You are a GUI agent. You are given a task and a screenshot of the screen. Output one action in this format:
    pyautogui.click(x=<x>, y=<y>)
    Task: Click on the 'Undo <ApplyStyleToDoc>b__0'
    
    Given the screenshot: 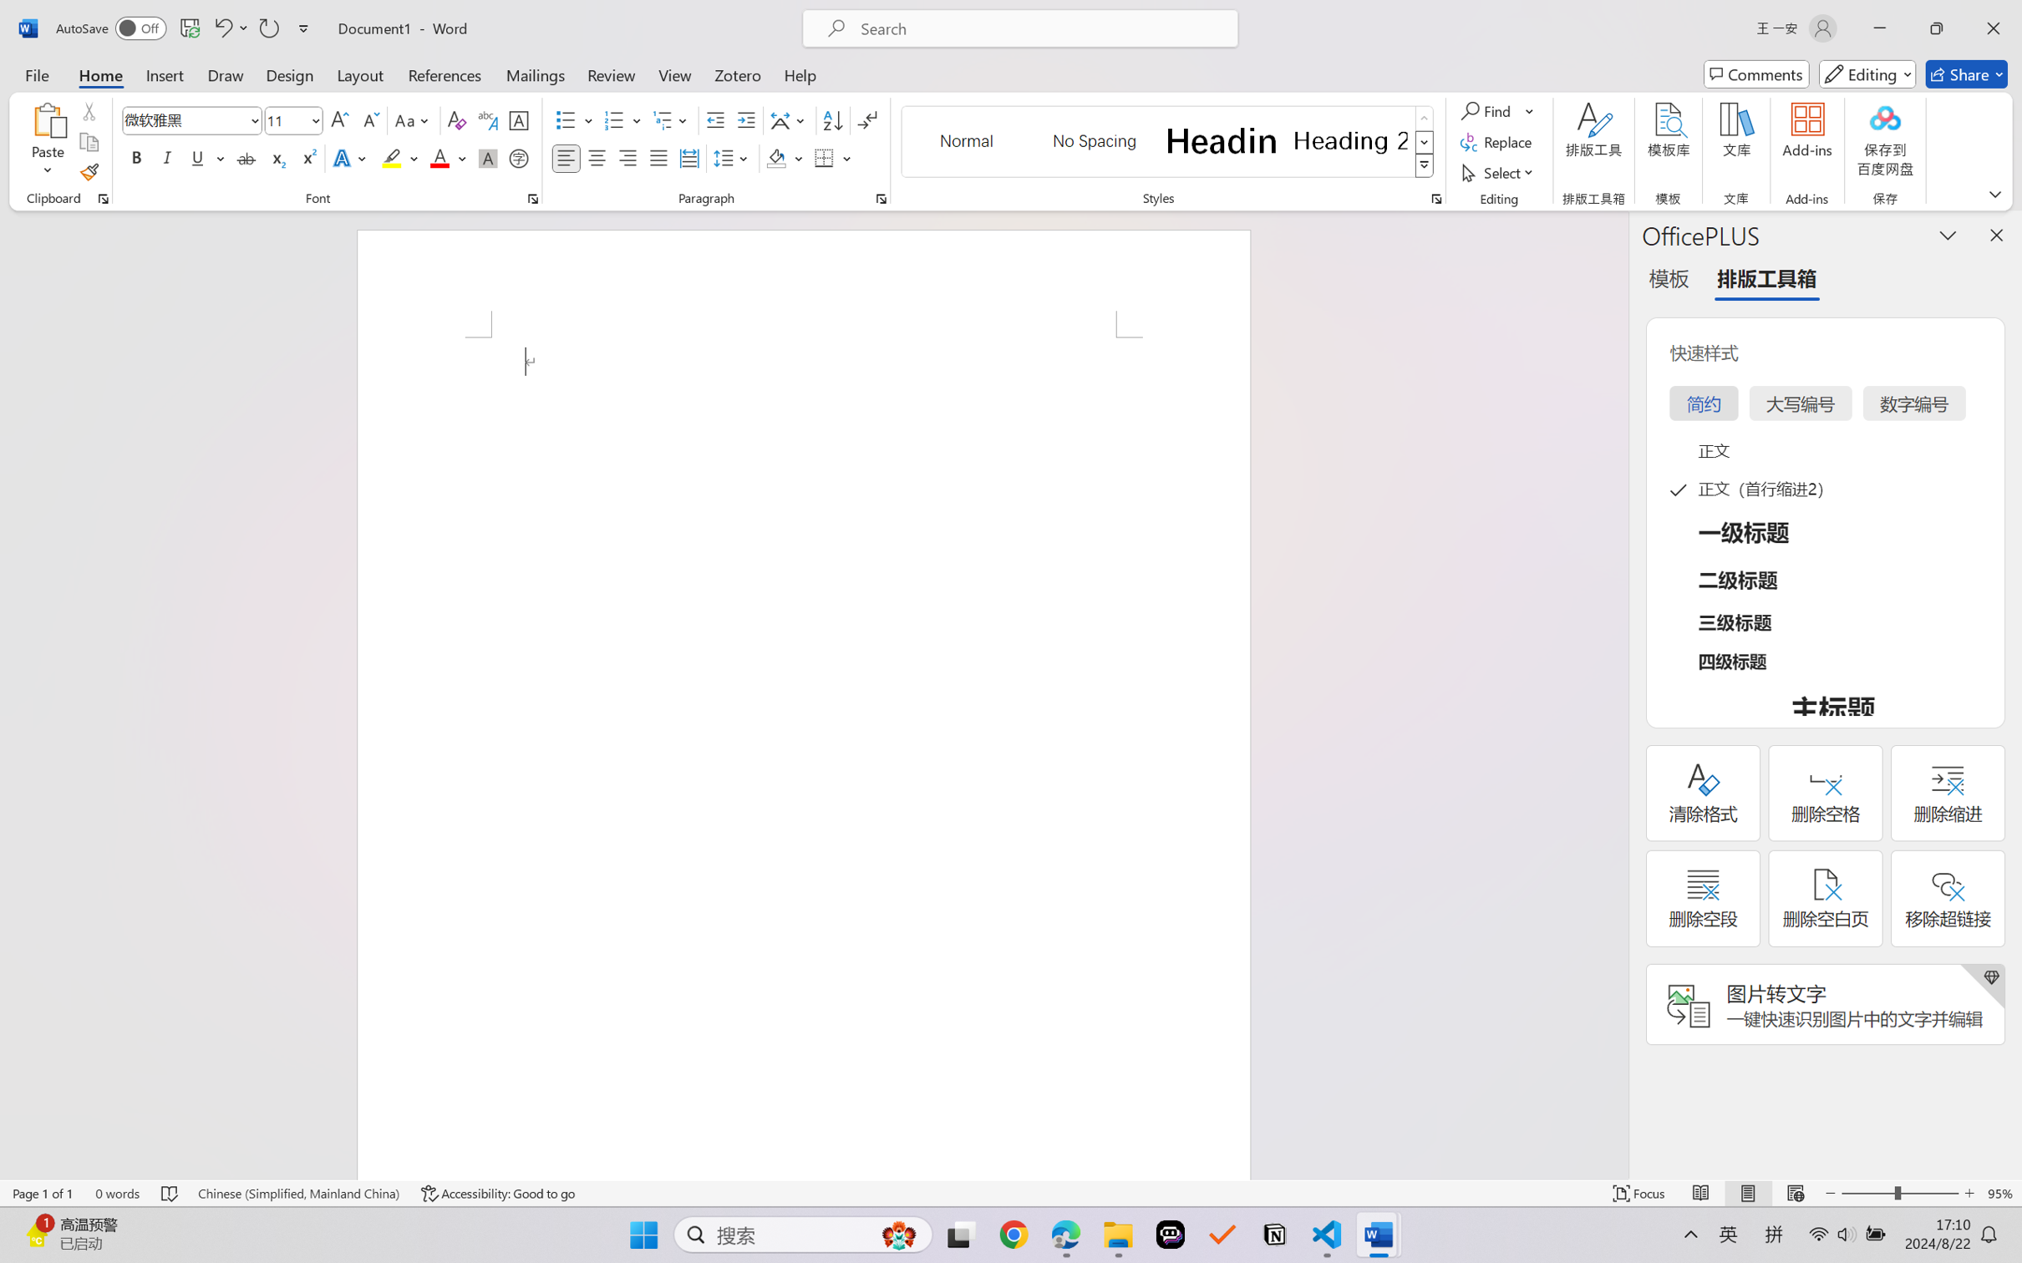 What is the action you would take?
    pyautogui.click(x=221, y=28)
    